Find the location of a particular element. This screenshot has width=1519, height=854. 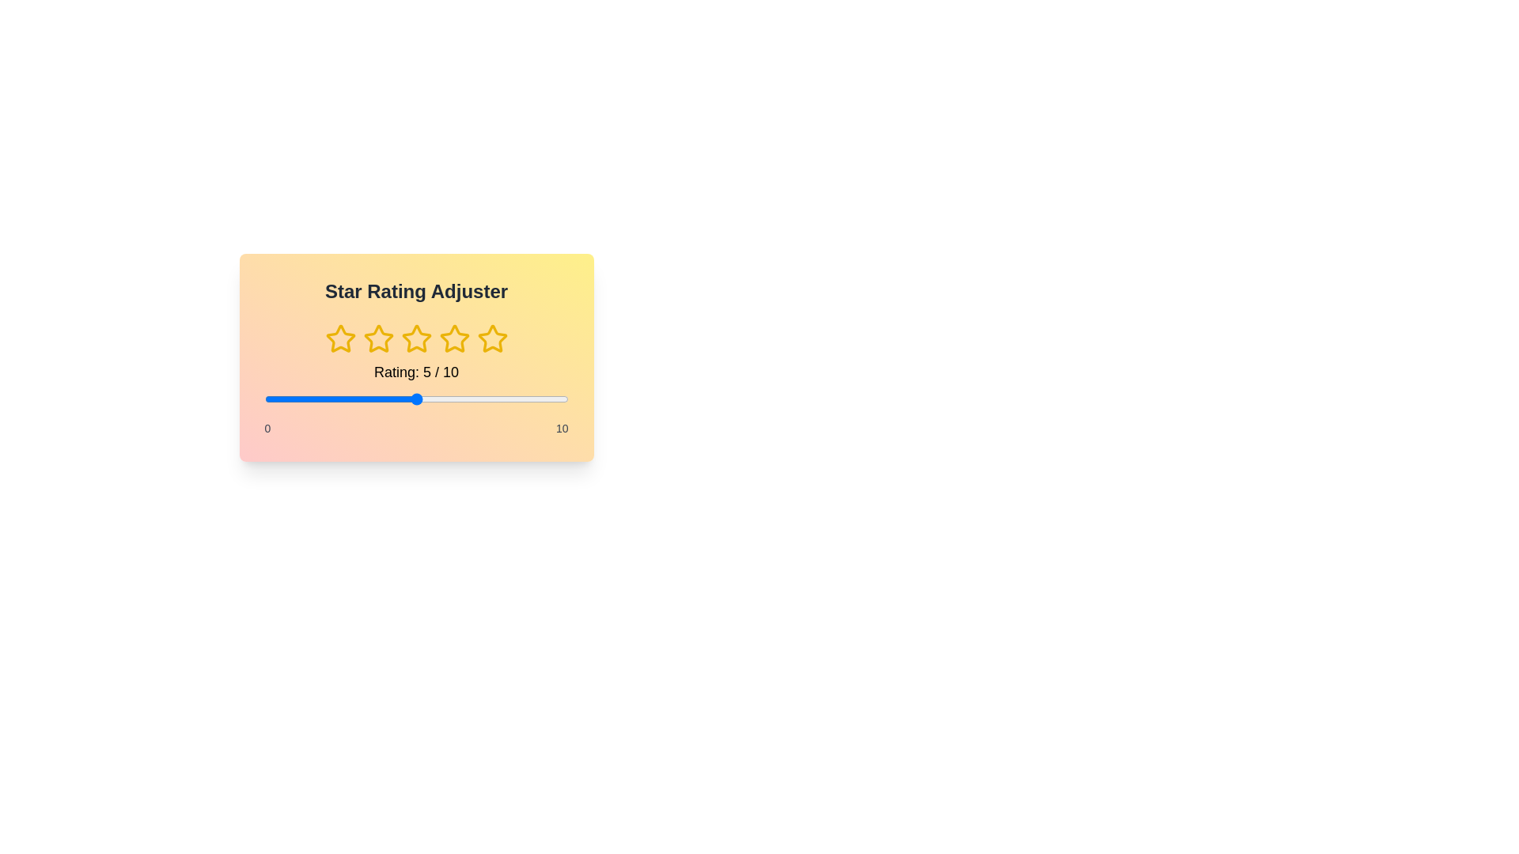

the slider to set the rating to 2 within the range of 0 to 10 is located at coordinates (324, 399).